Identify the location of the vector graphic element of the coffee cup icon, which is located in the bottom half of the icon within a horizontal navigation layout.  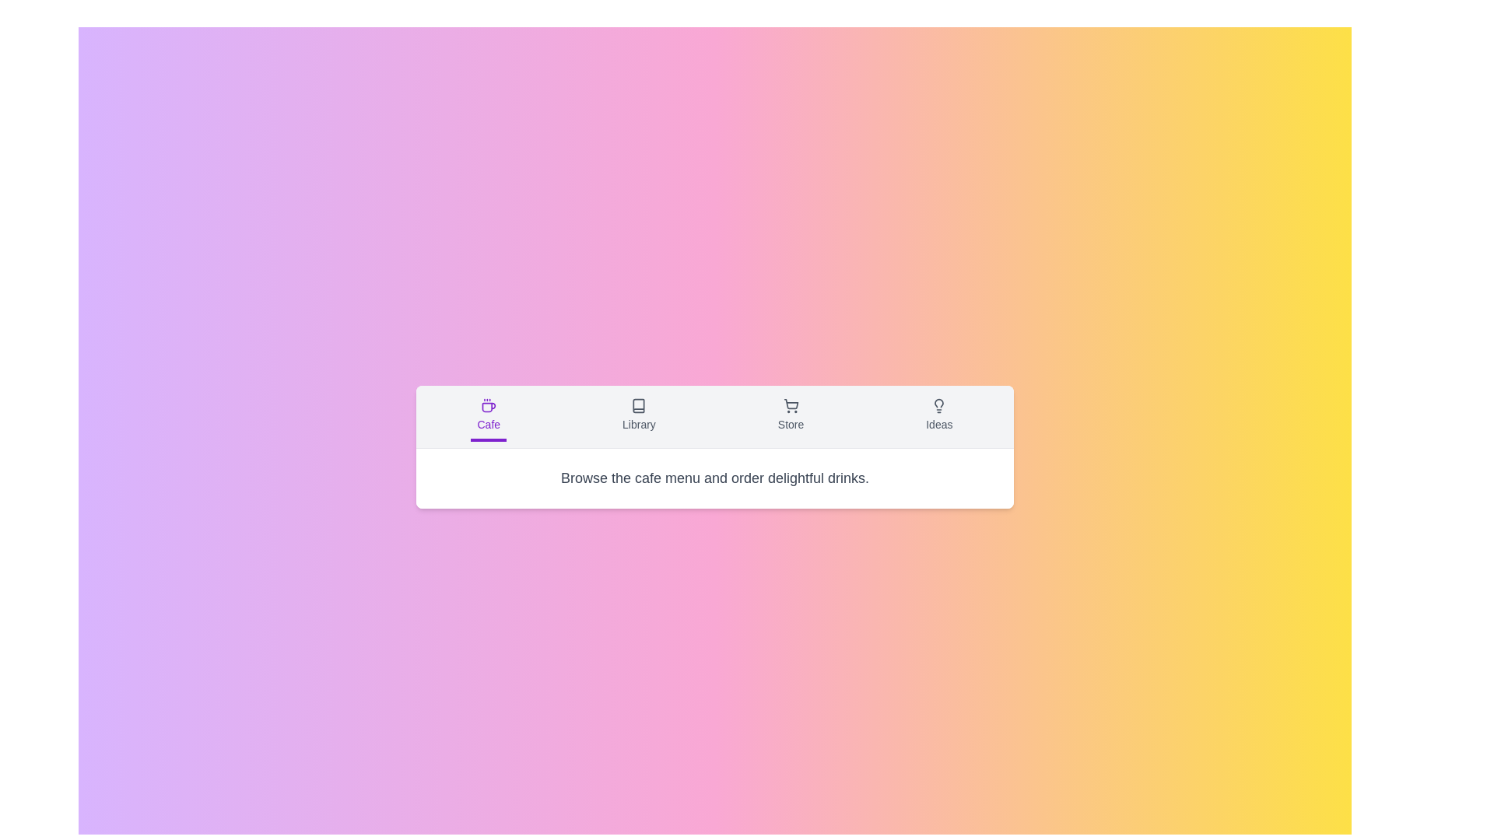
(488, 406).